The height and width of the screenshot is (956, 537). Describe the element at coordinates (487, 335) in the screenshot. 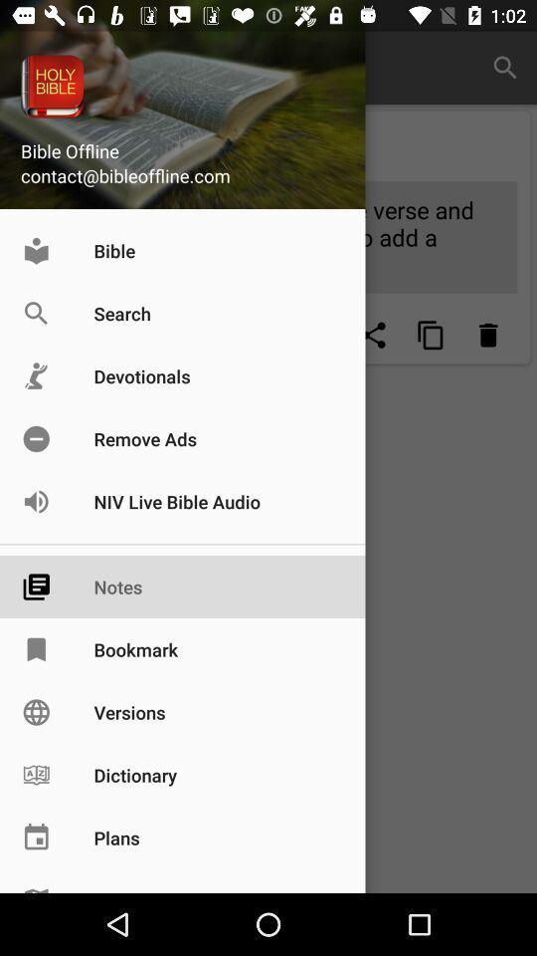

I see `delete icon which is at the right side of the page` at that location.